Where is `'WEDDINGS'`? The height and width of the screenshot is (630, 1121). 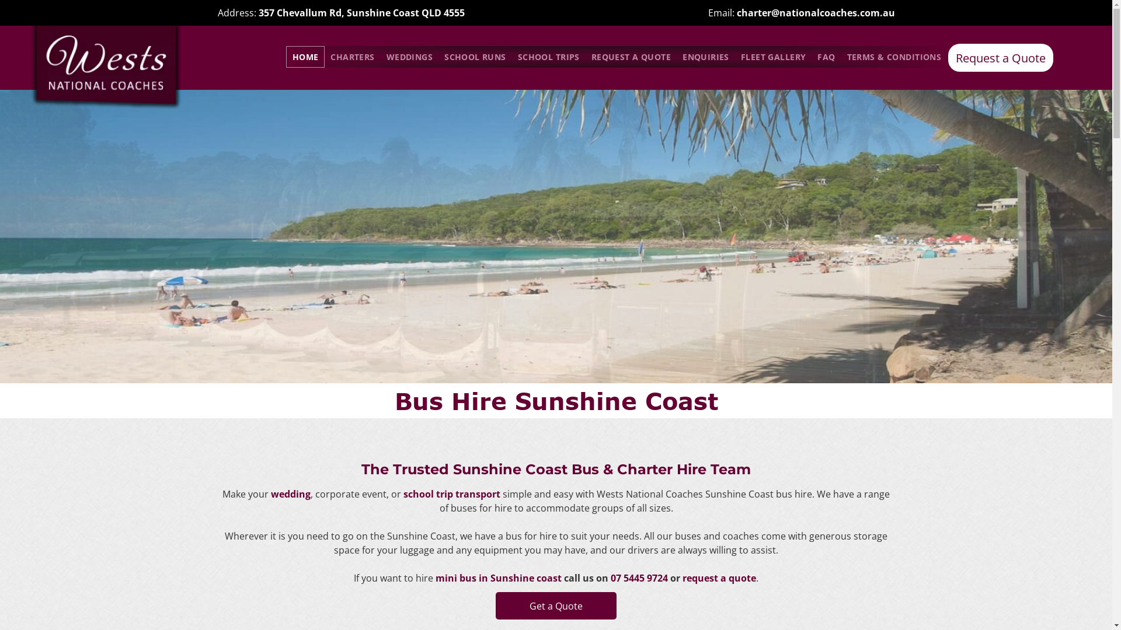
'WEDDINGS' is located at coordinates (409, 57).